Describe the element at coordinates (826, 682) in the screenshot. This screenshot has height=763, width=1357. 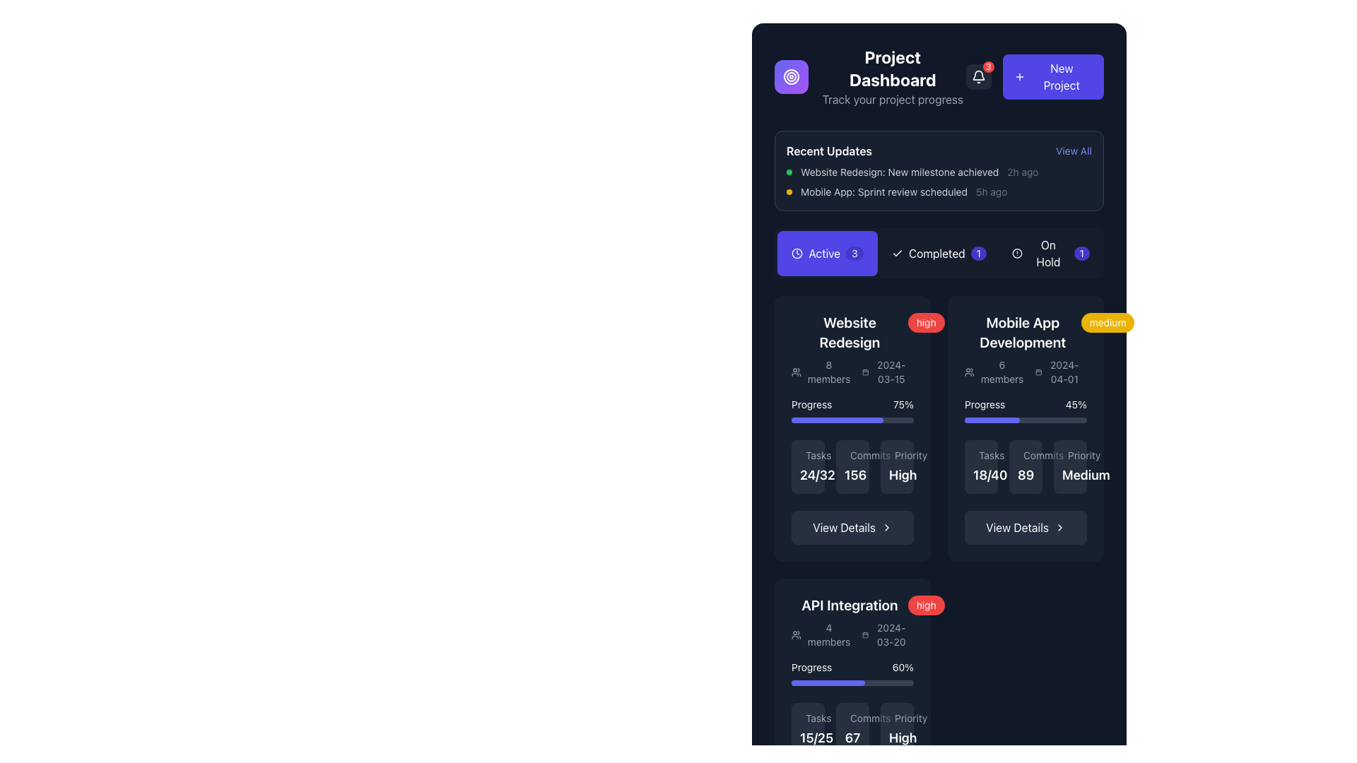
I see `progress bar` at that location.